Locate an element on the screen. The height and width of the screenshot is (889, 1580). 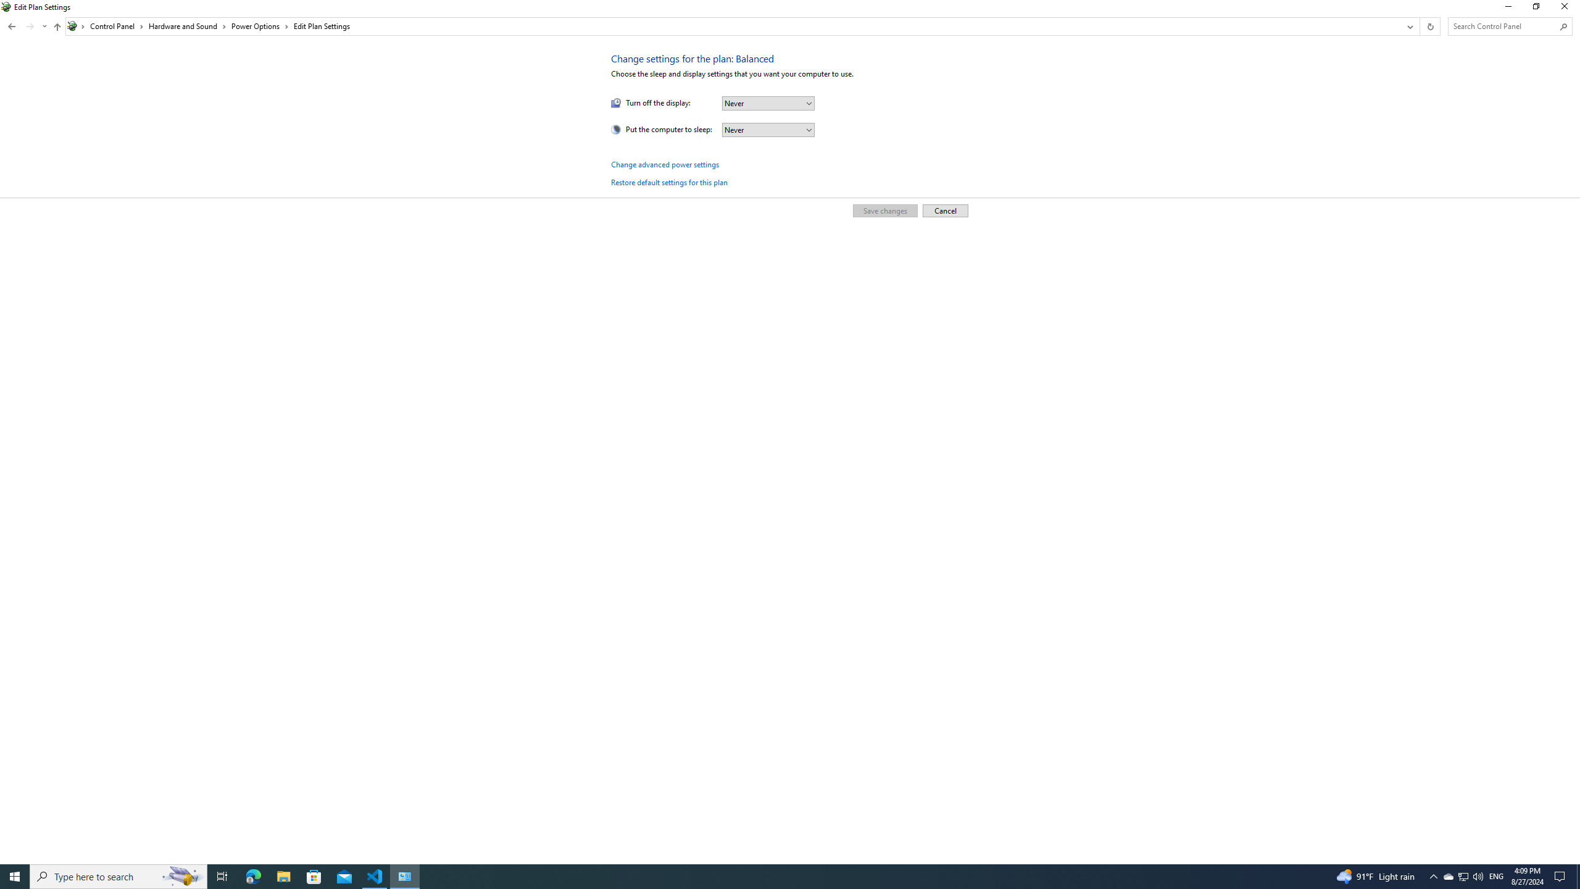
'Control Panel' is located at coordinates (116, 26).